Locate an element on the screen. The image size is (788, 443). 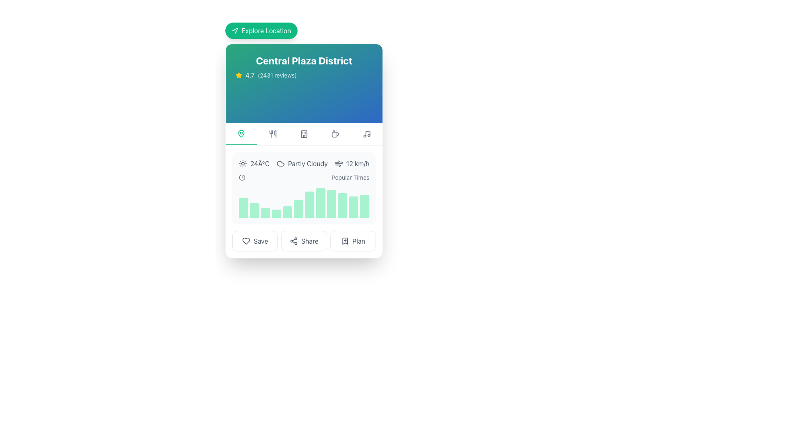
the second interactive icon button located centrally below the header 'Central Plaza District' is located at coordinates (273, 134).